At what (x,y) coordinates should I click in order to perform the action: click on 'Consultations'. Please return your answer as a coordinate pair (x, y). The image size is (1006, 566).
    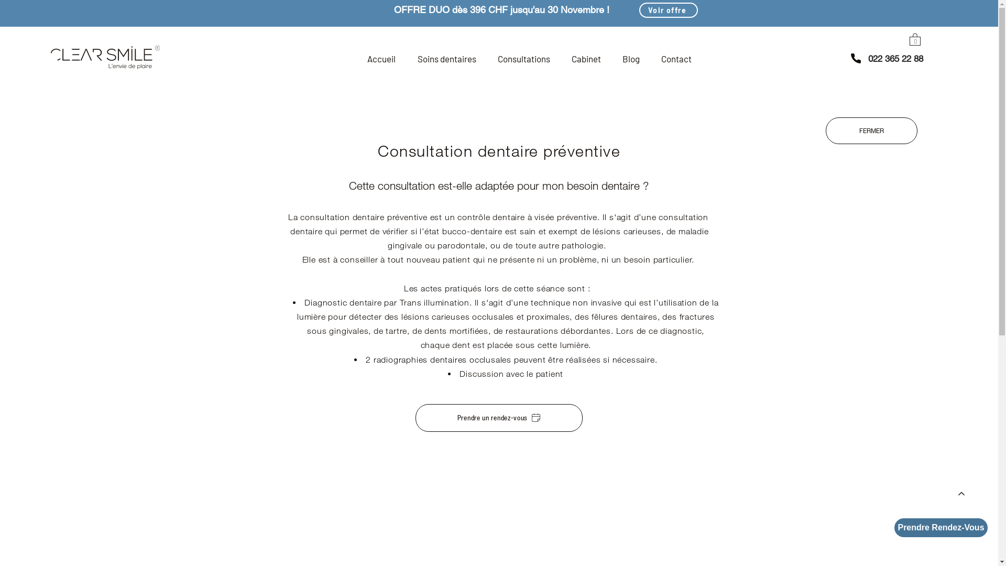
    Looking at the image, I should click on (486, 58).